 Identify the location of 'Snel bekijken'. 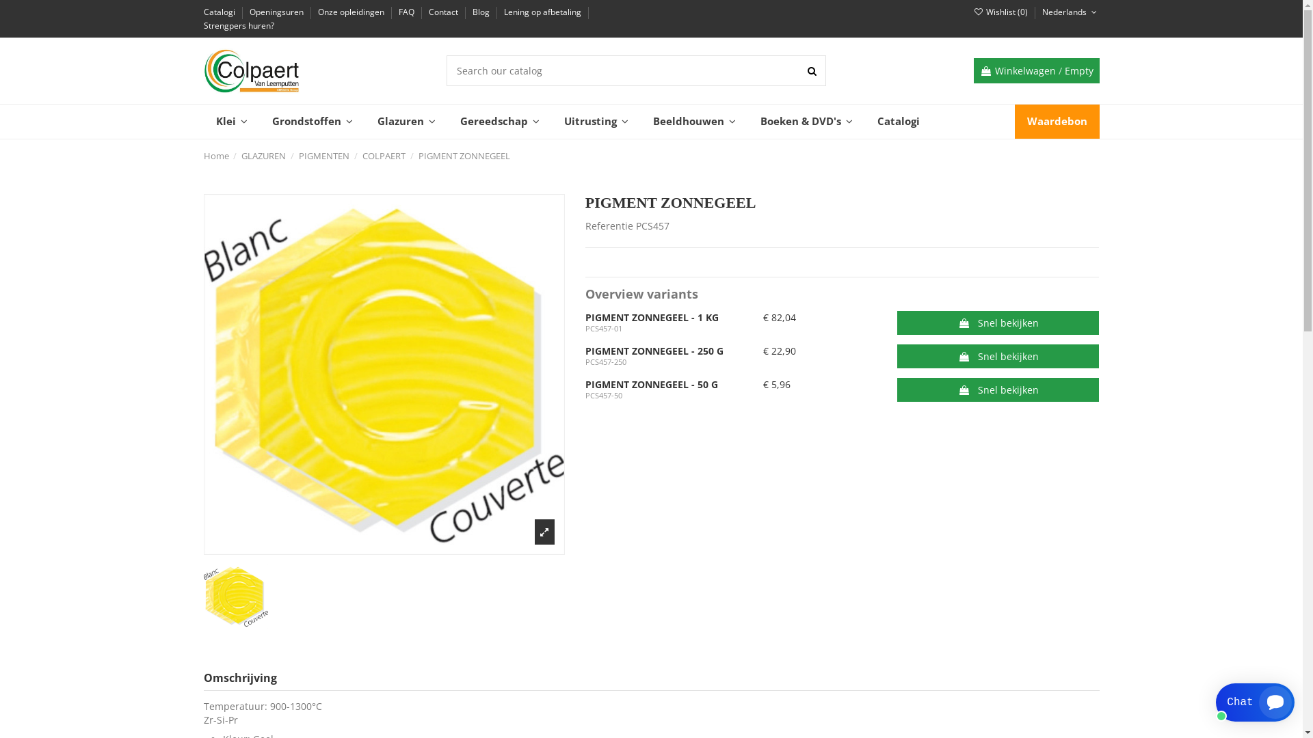
(998, 355).